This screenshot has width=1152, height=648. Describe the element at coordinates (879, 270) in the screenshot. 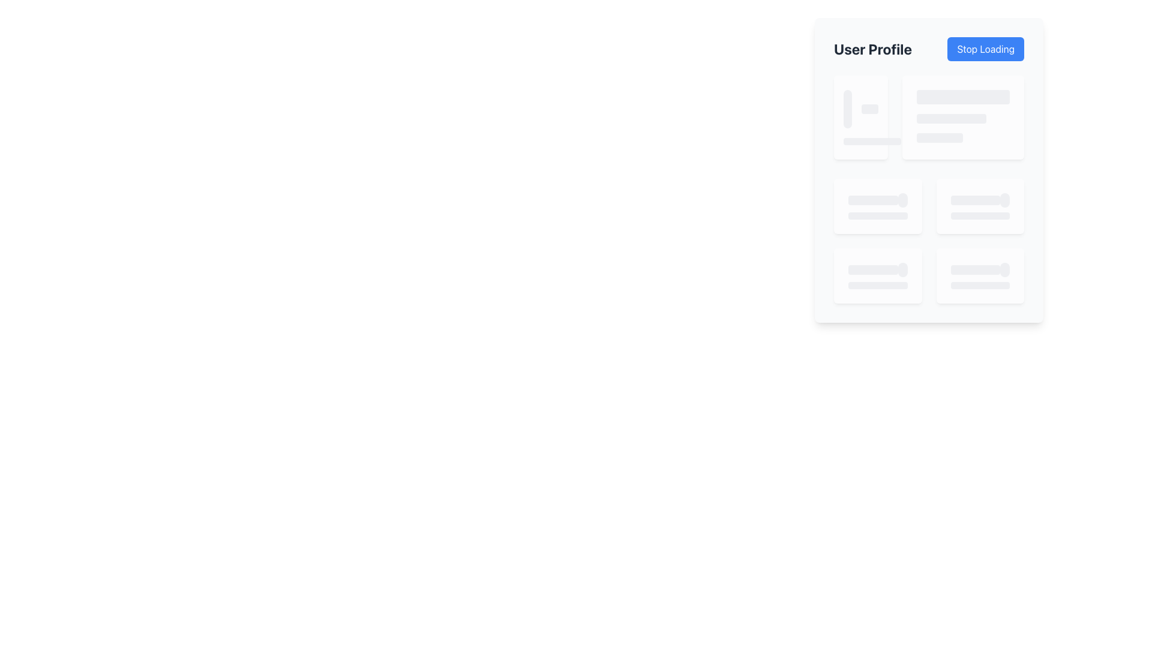

I see `the slider value` at that location.